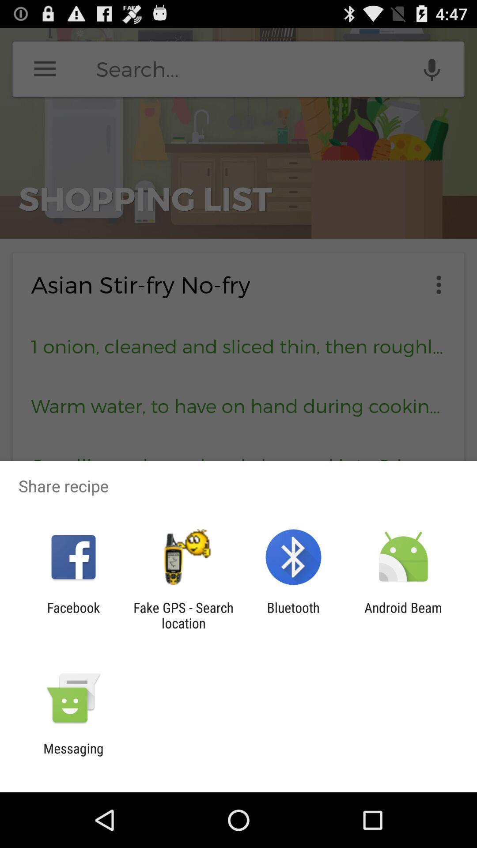 This screenshot has width=477, height=848. I want to click on the app to the right of the facebook app, so click(183, 615).